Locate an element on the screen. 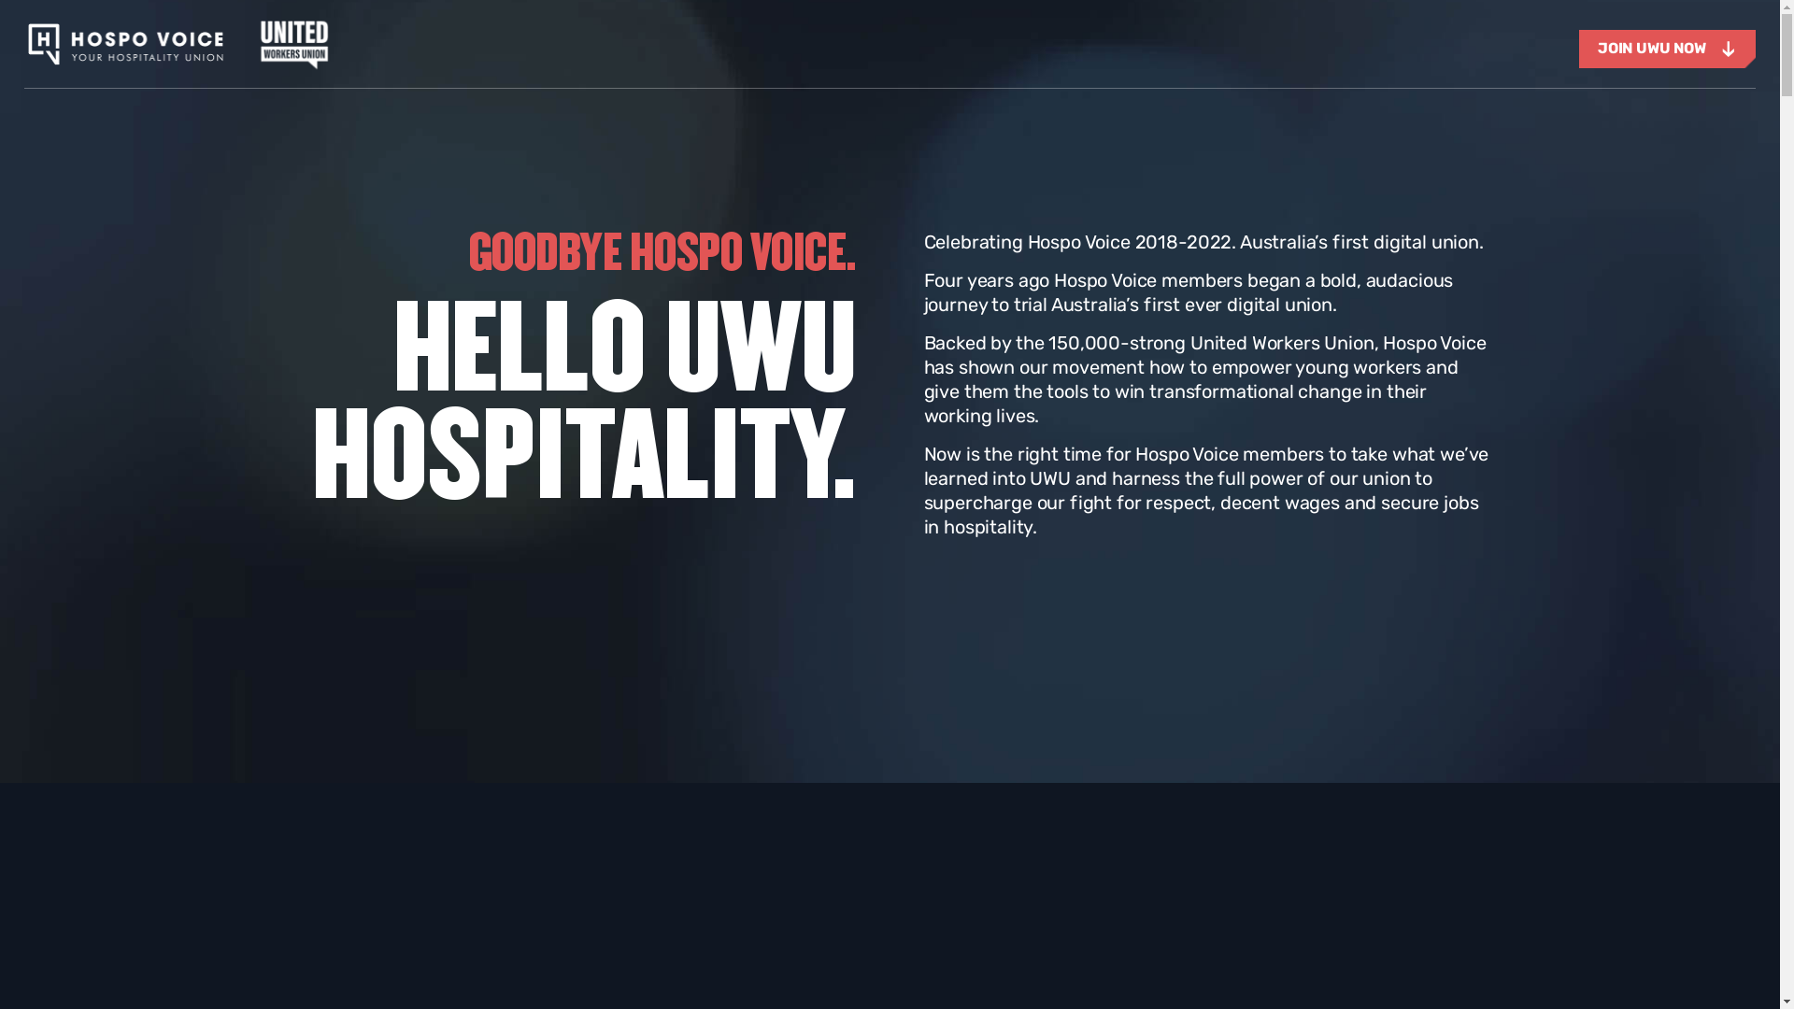 Image resolution: width=1794 pixels, height=1009 pixels. 'JOIN UWU NOW' is located at coordinates (1667, 48).